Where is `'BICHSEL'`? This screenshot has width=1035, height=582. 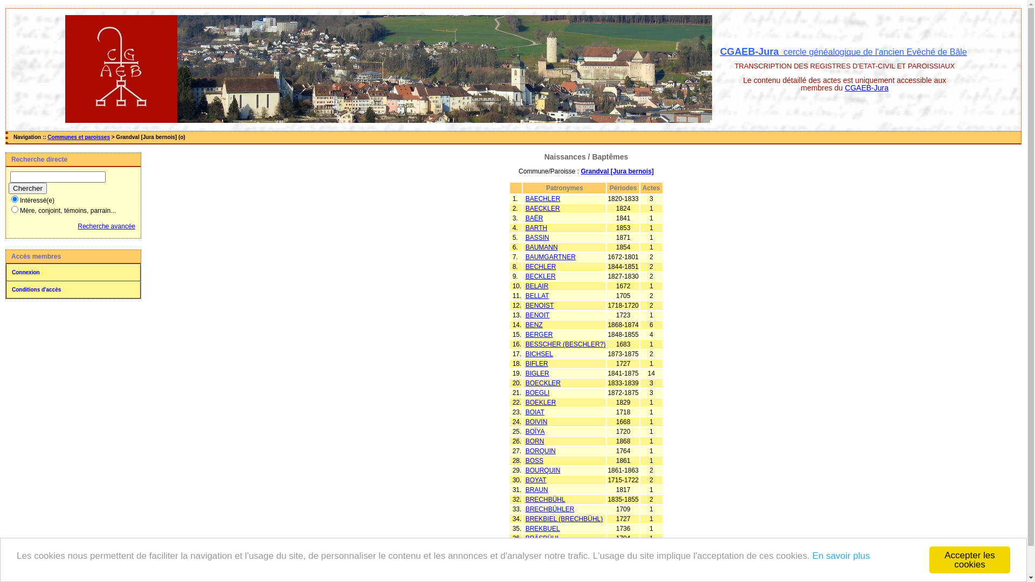 'BICHSEL' is located at coordinates (525, 354).